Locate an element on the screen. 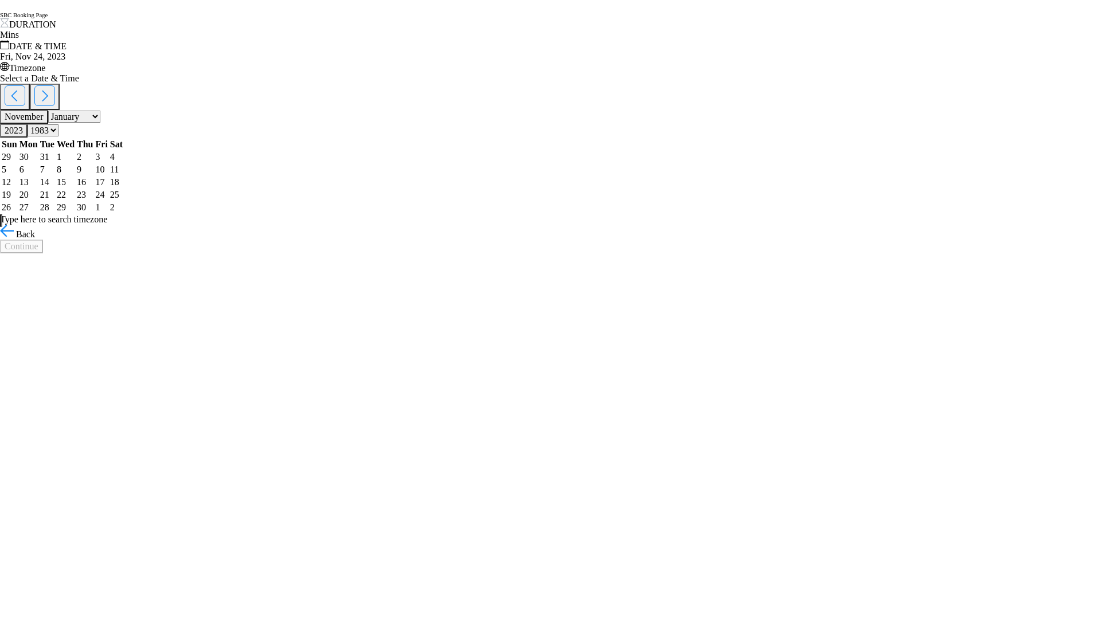 This screenshot has width=1101, height=619. 'Previous month' is located at coordinates (14, 96).